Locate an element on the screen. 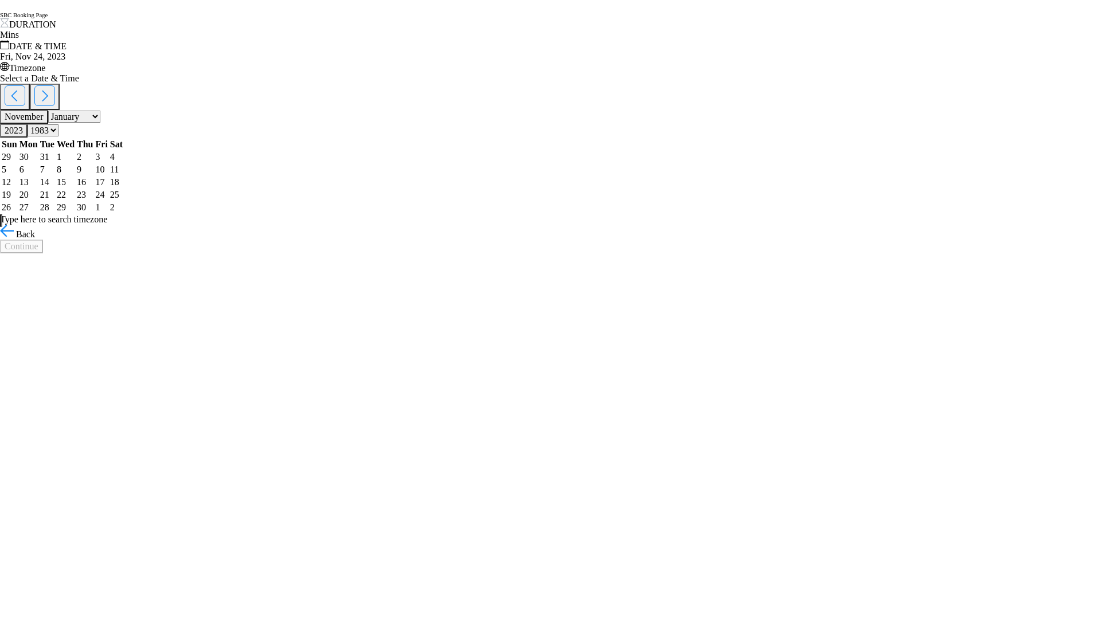 This screenshot has width=1101, height=619. 'Previous month' is located at coordinates (14, 96).